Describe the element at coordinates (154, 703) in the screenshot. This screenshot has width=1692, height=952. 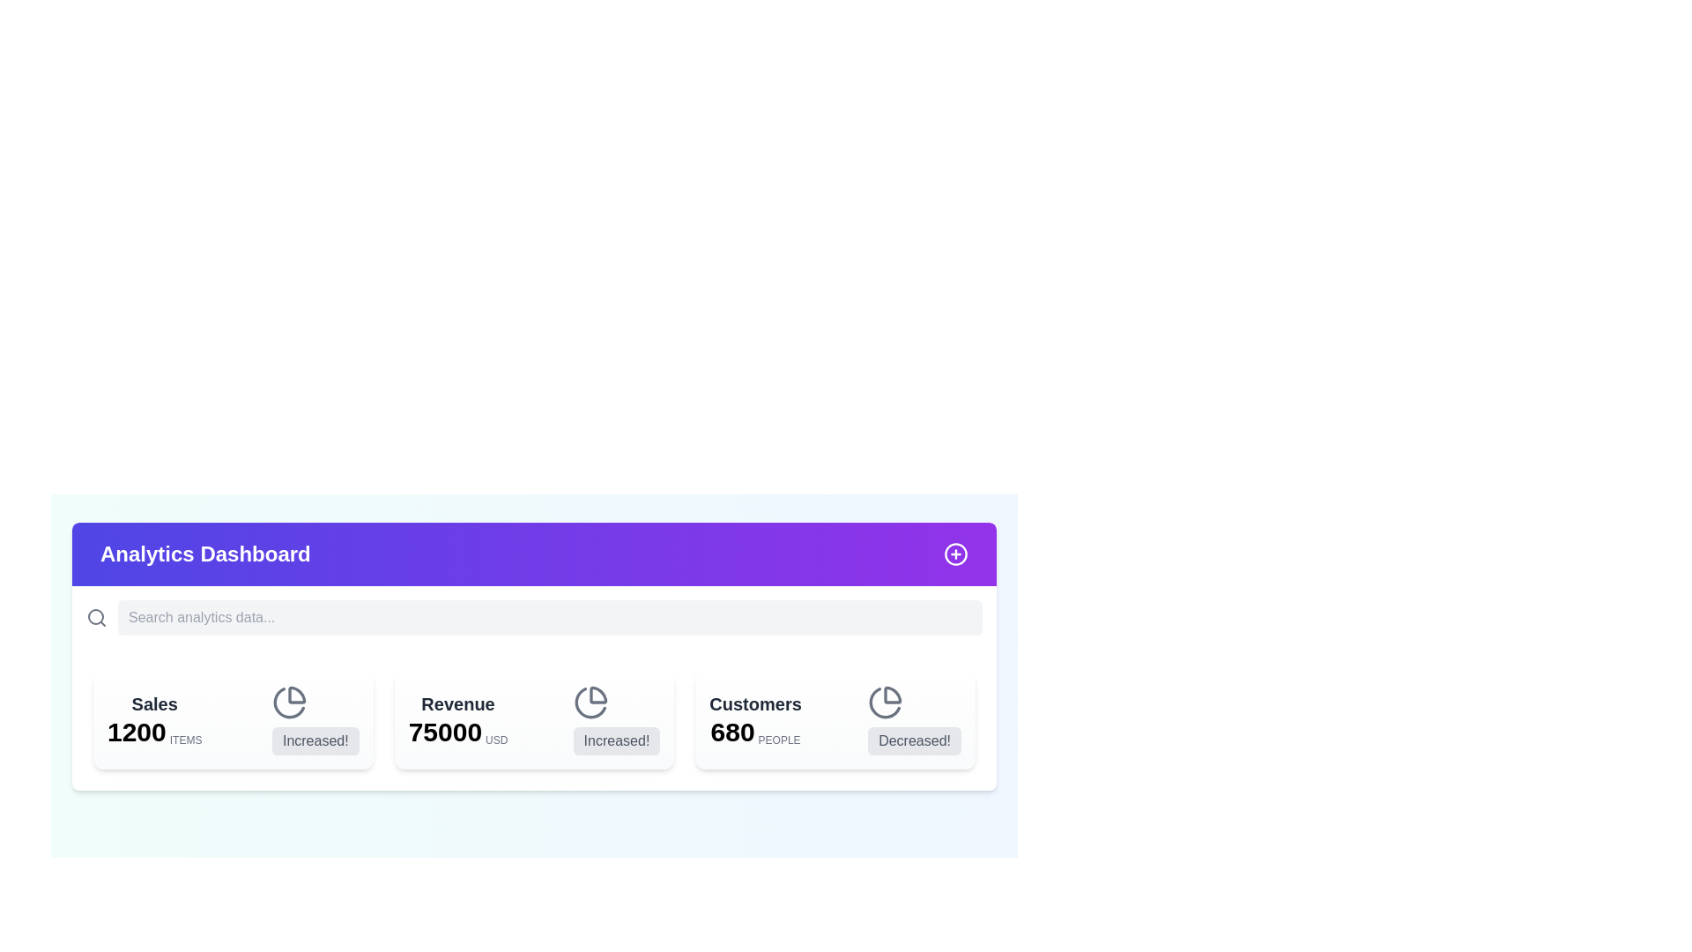
I see `the 'Sales' label, which is the title for the associated data in the card located at the top-left corner of the dashboard card` at that location.